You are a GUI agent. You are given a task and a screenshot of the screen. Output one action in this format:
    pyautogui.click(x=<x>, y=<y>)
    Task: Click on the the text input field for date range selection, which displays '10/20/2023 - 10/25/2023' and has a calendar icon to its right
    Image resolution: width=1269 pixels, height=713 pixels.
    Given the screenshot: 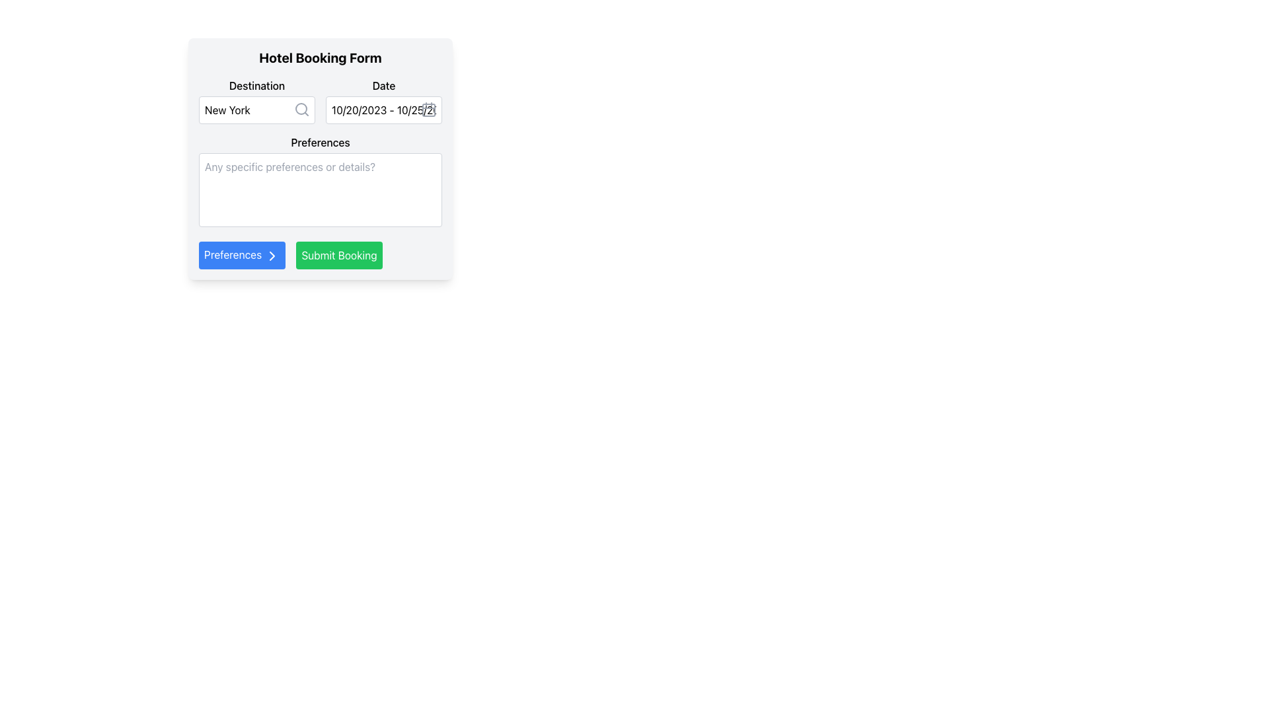 What is the action you would take?
    pyautogui.click(x=383, y=109)
    